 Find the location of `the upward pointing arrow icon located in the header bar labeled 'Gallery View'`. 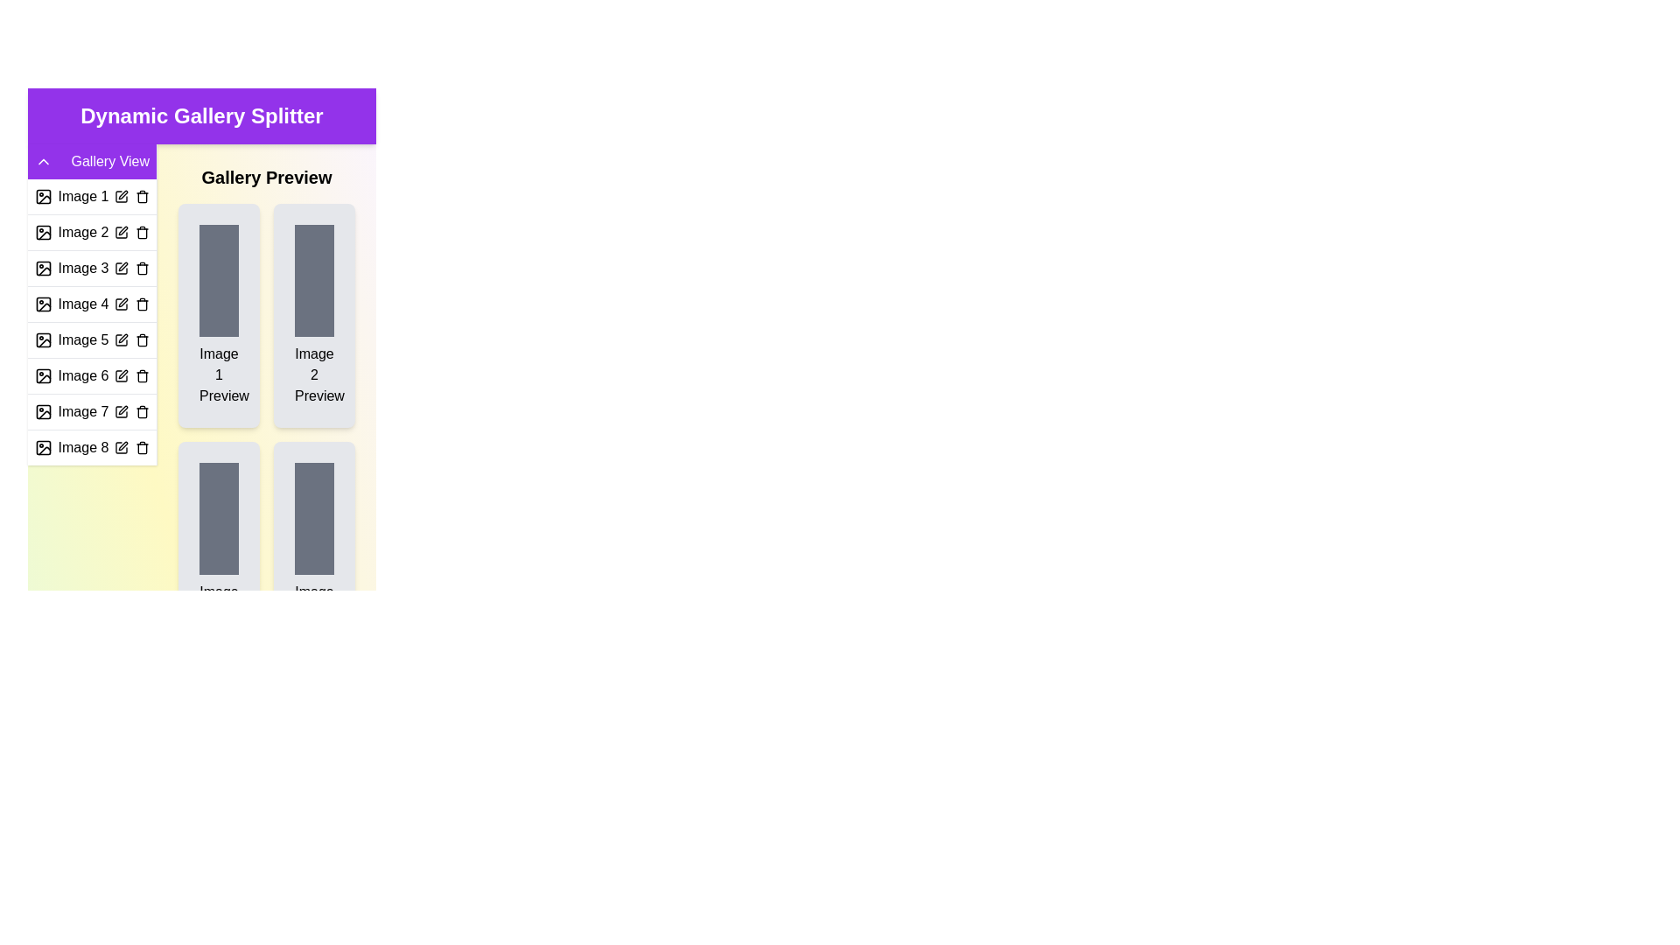

the upward pointing arrow icon located in the header bar labeled 'Gallery View' is located at coordinates (43, 162).